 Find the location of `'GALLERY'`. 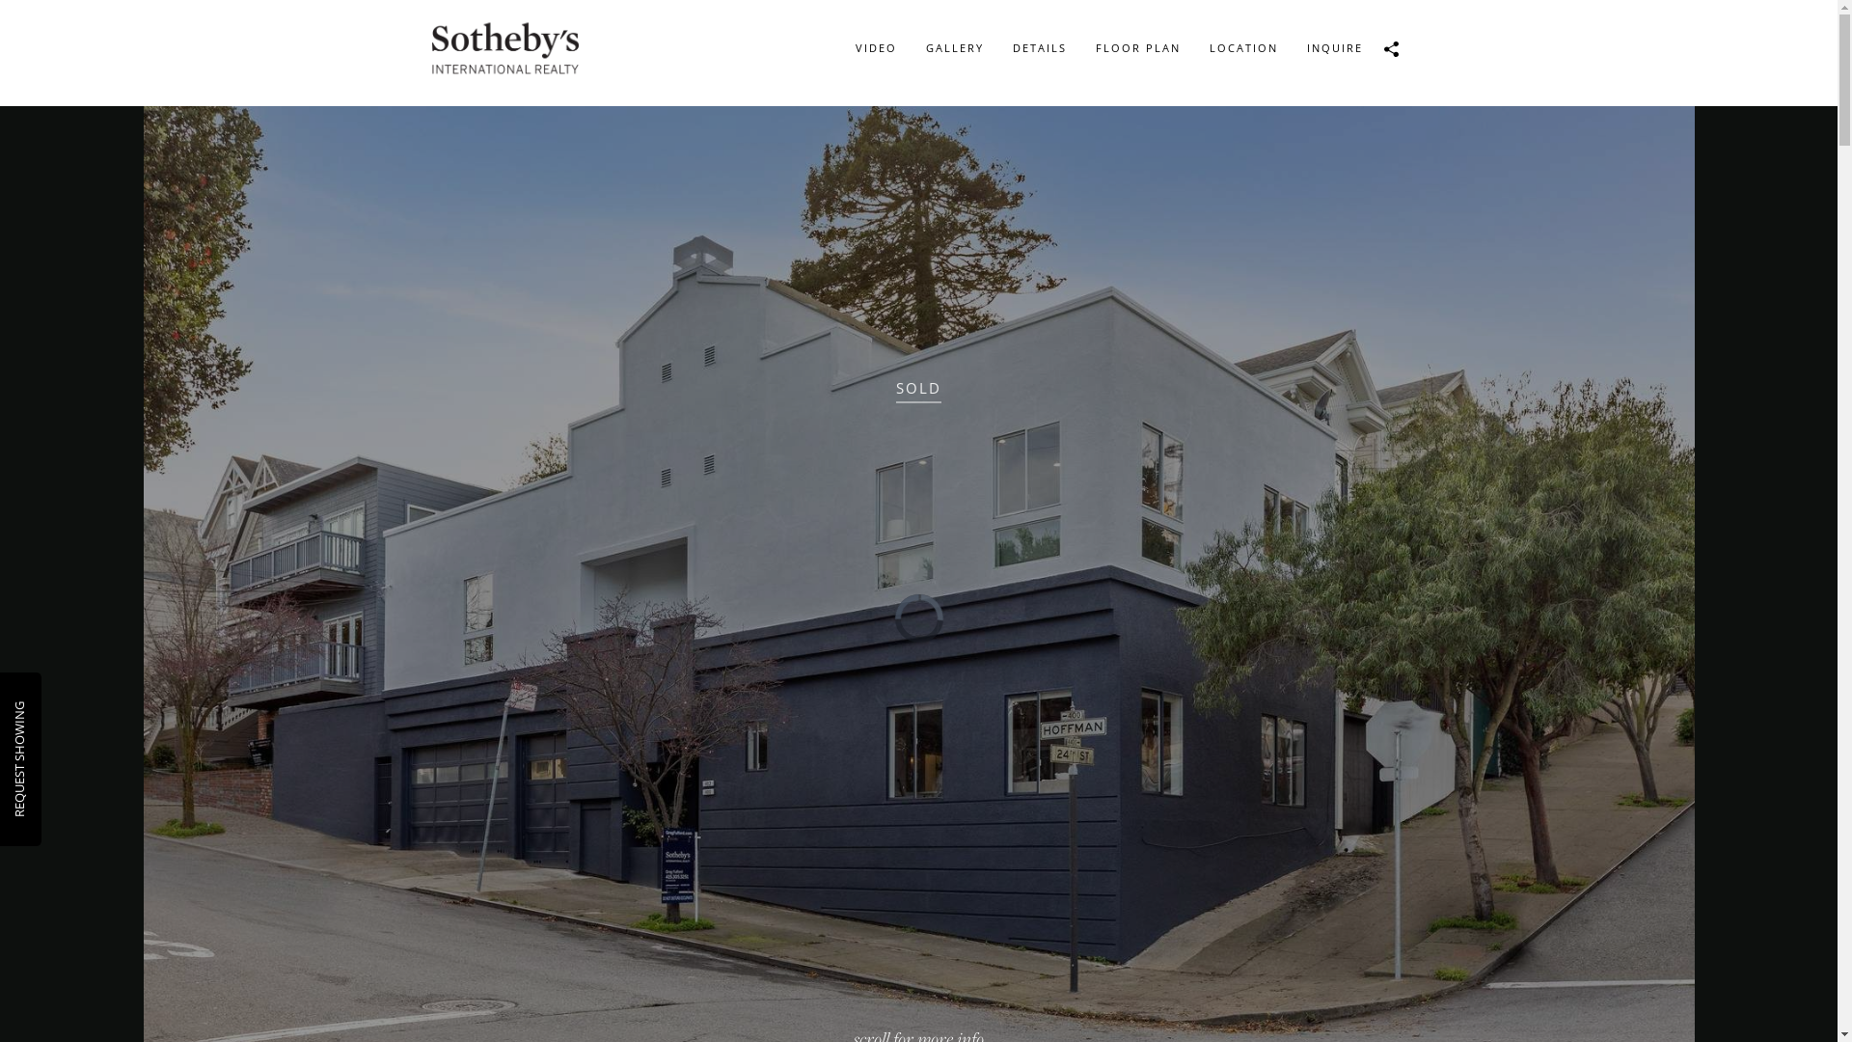

'GALLERY' is located at coordinates (910, 47).